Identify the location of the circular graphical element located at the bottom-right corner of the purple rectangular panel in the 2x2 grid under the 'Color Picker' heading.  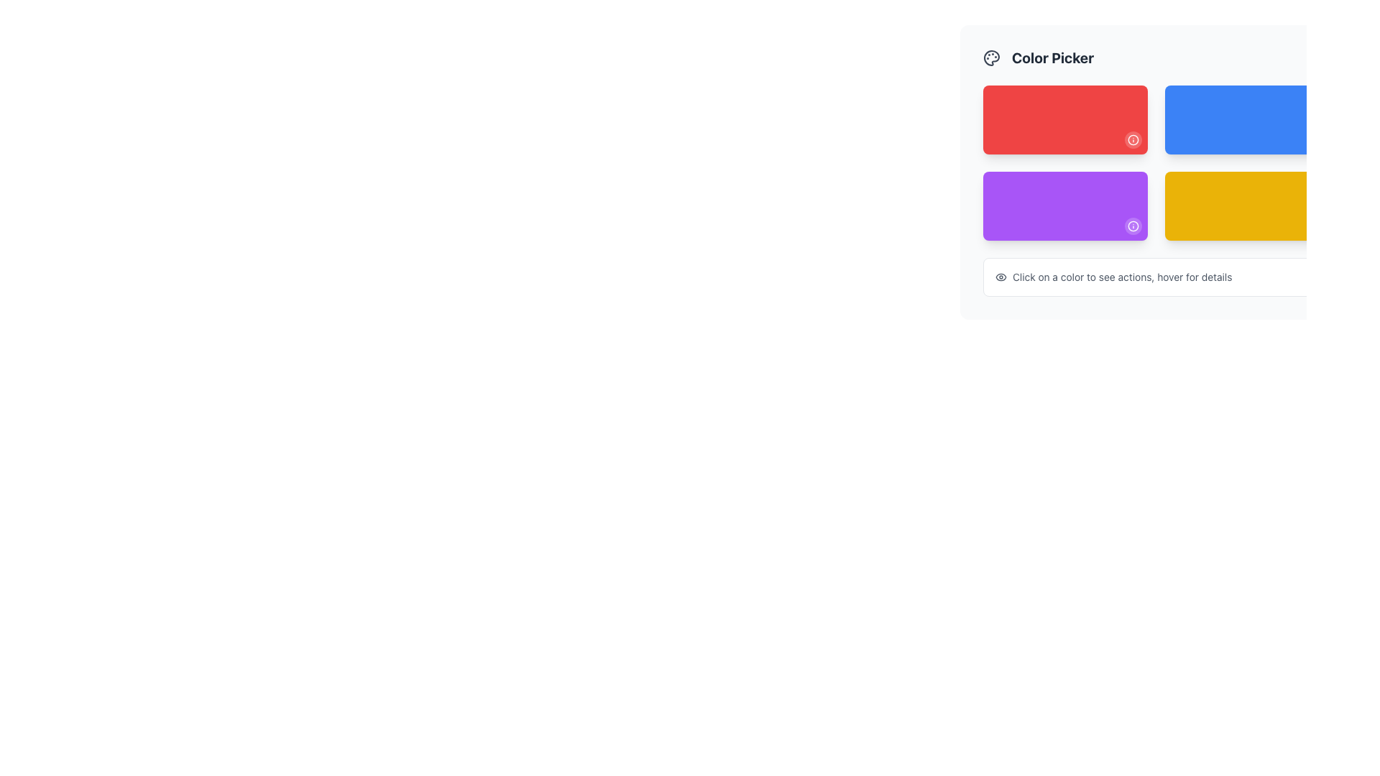
(1133, 226).